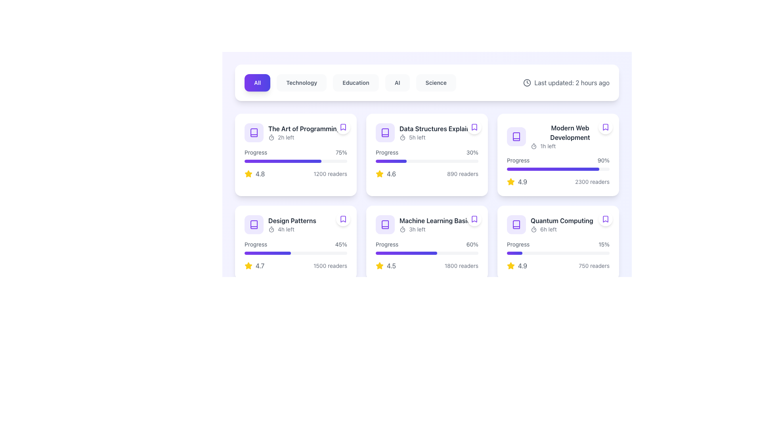  Describe the element at coordinates (534, 146) in the screenshot. I see `the small circular timer icon located at the top-left corner of the 'Modern Web Development' card, adjacent to the '1h left' text` at that location.